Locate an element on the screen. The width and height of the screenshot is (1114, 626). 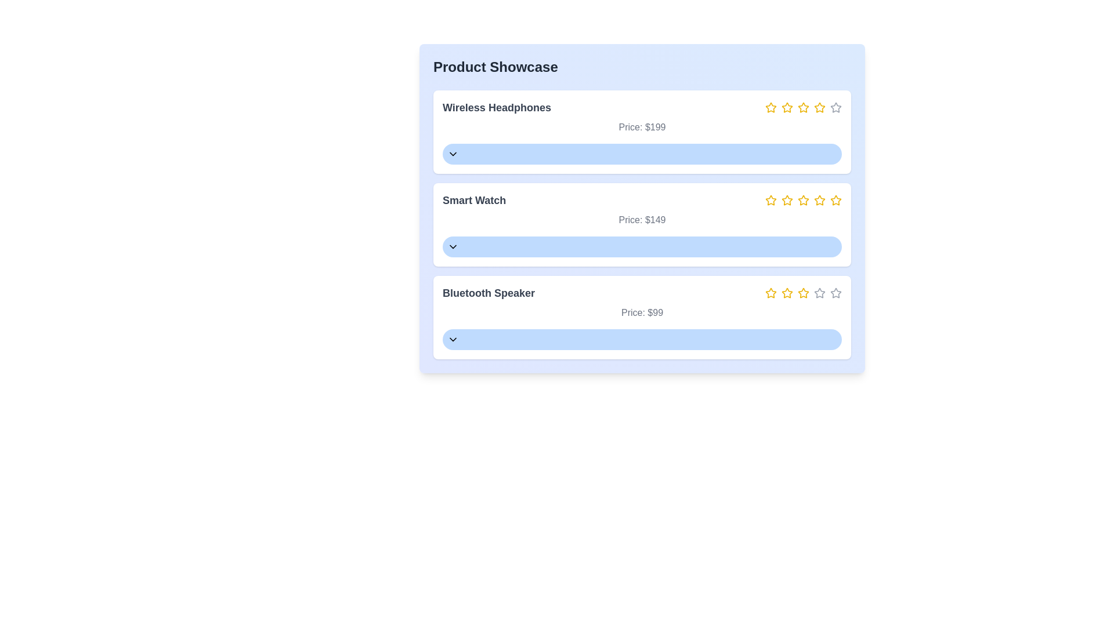
the first star icon for rating in the rating row of the 'Wireless Headphones' product is located at coordinates (771, 107).